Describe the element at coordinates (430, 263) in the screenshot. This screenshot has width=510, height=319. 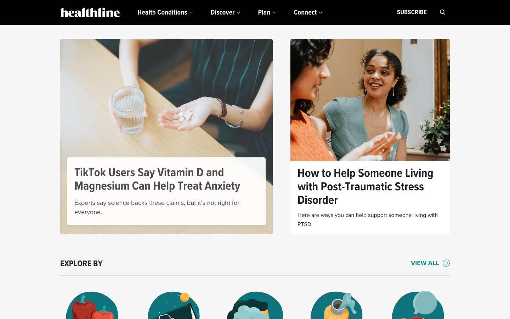
I see `Explore topics on health by viewing all` at that location.